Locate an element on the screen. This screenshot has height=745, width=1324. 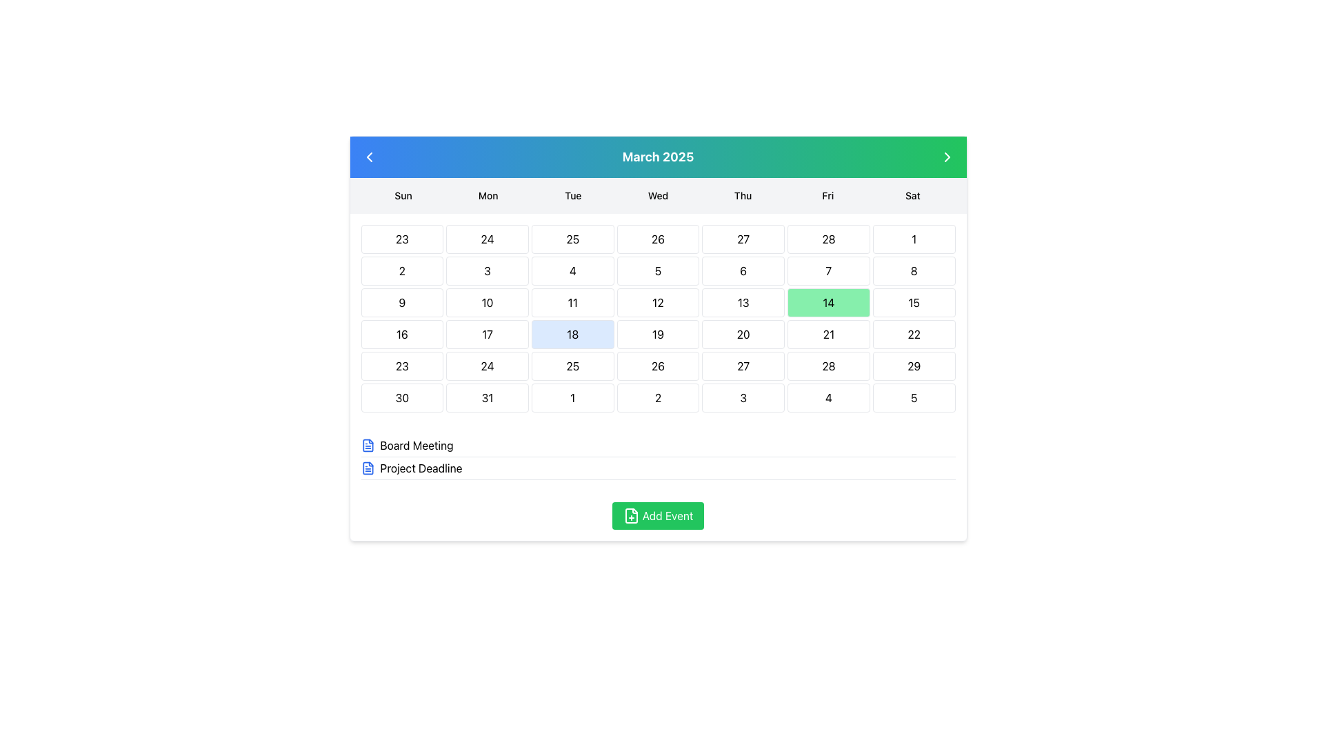
the 'Add Event' button located centrally at the bottom of the interface is located at coordinates (657, 516).